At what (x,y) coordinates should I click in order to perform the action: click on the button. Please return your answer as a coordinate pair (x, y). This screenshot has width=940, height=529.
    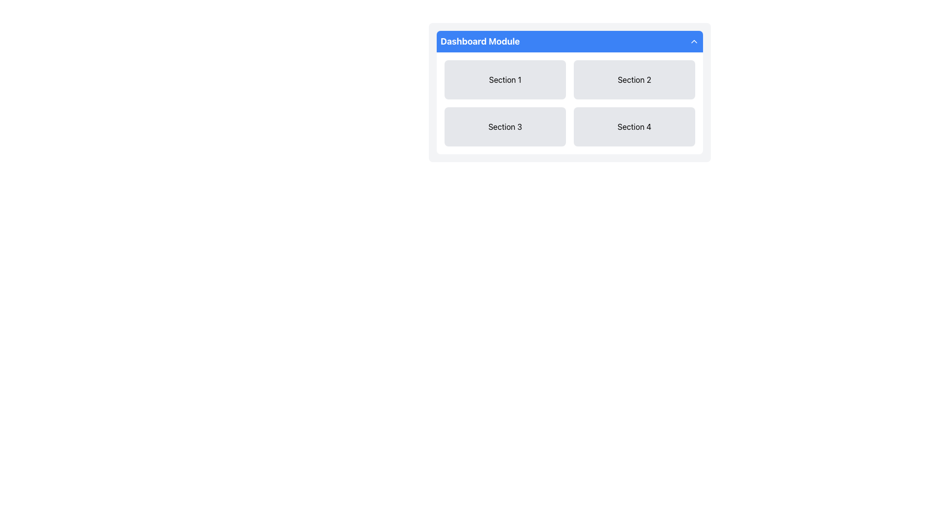
    Looking at the image, I should click on (505, 126).